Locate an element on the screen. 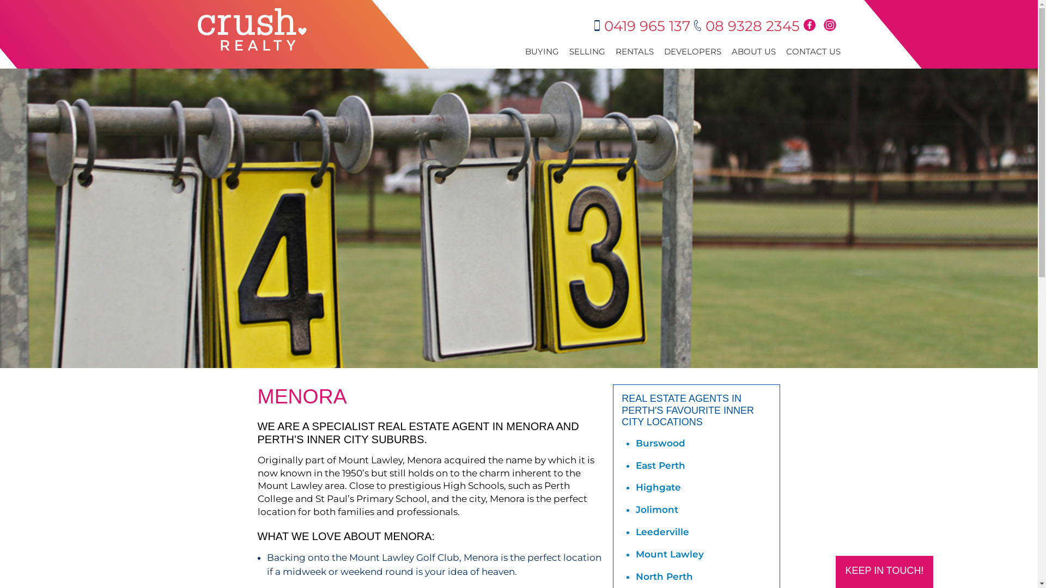 This screenshot has width=1046, height=588. 'Mount Lawley' is located at coordinates (669, 554).